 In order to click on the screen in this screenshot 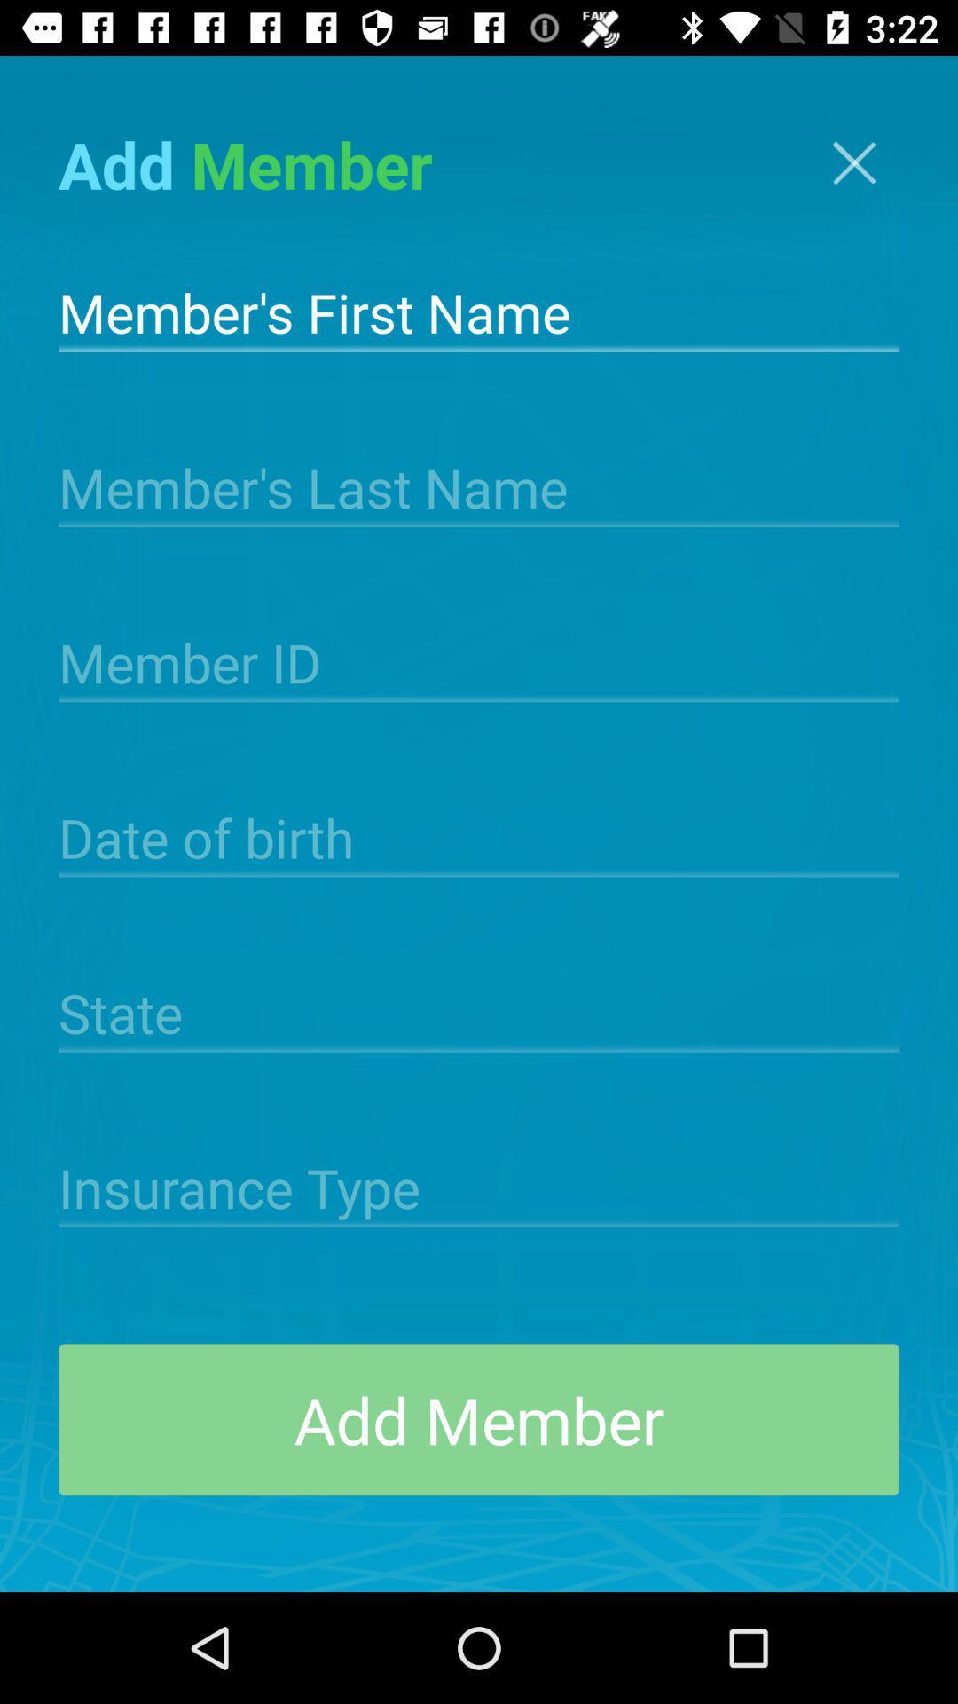, I will do `click(853, 162)`.